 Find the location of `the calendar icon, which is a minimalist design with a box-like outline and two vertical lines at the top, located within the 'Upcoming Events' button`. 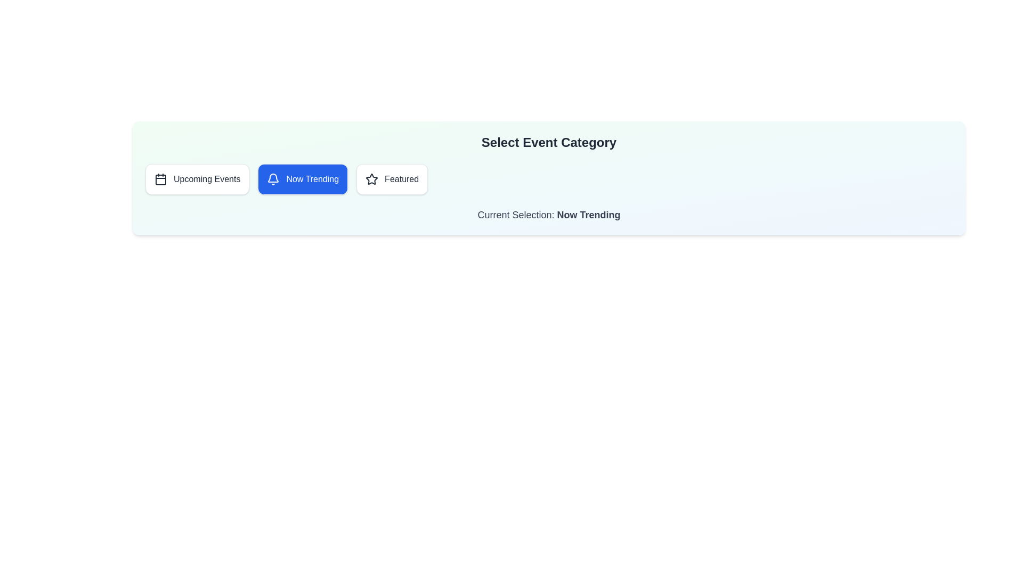

the calendar icon, which is a minimalist design with a box-like outline and two vertical lines at the top, located within the 'Upcoming Events' button is located at coordinates (160, 178).